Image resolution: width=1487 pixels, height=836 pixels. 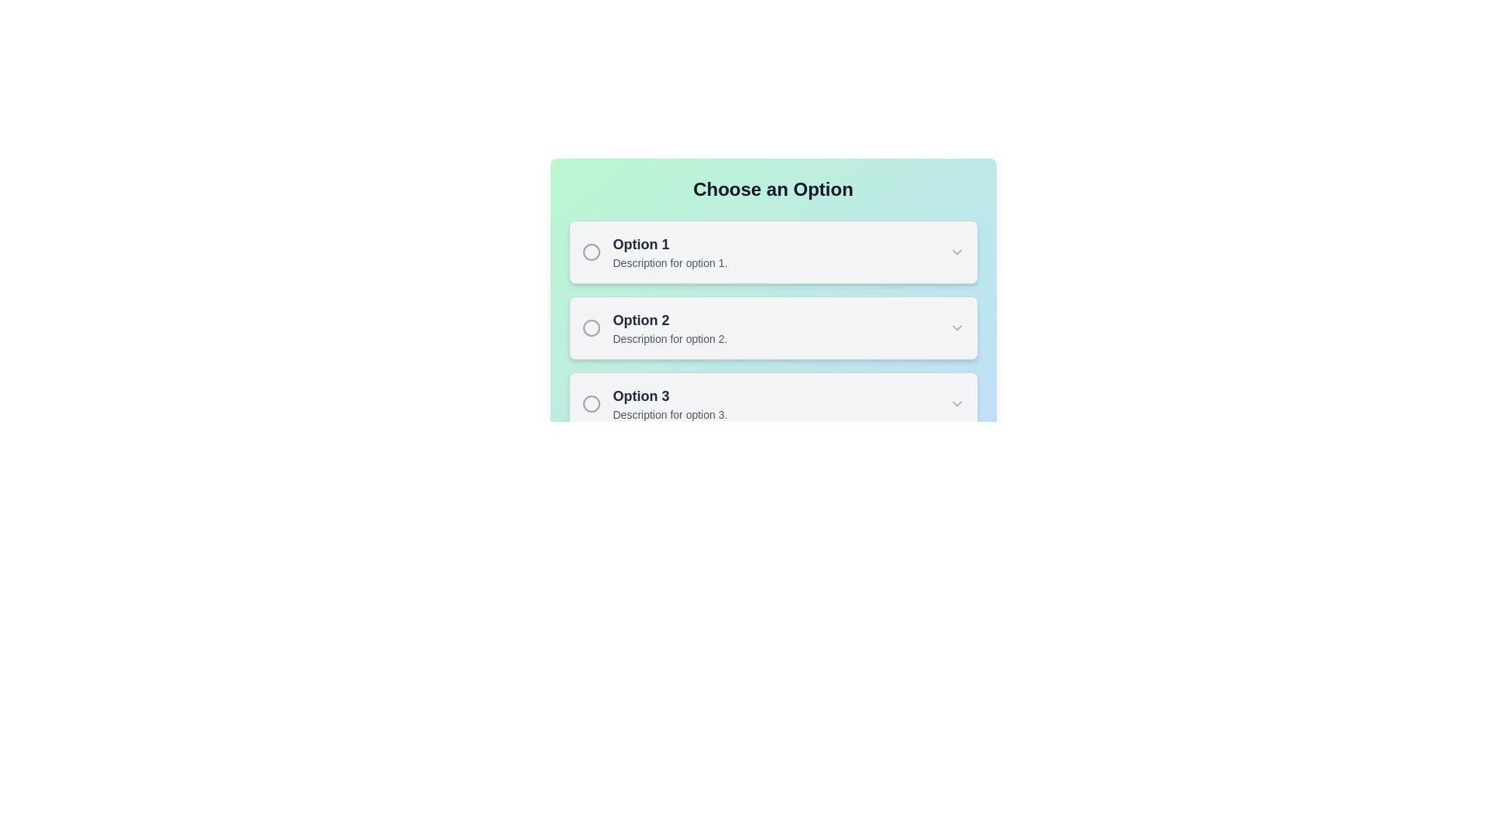 What do you see at coordinates (670, 244) in the screenshot?
I see `the text label that serves as the title for the first option in a list of selectable options by clicking on it` at bounding box center [670, 244].